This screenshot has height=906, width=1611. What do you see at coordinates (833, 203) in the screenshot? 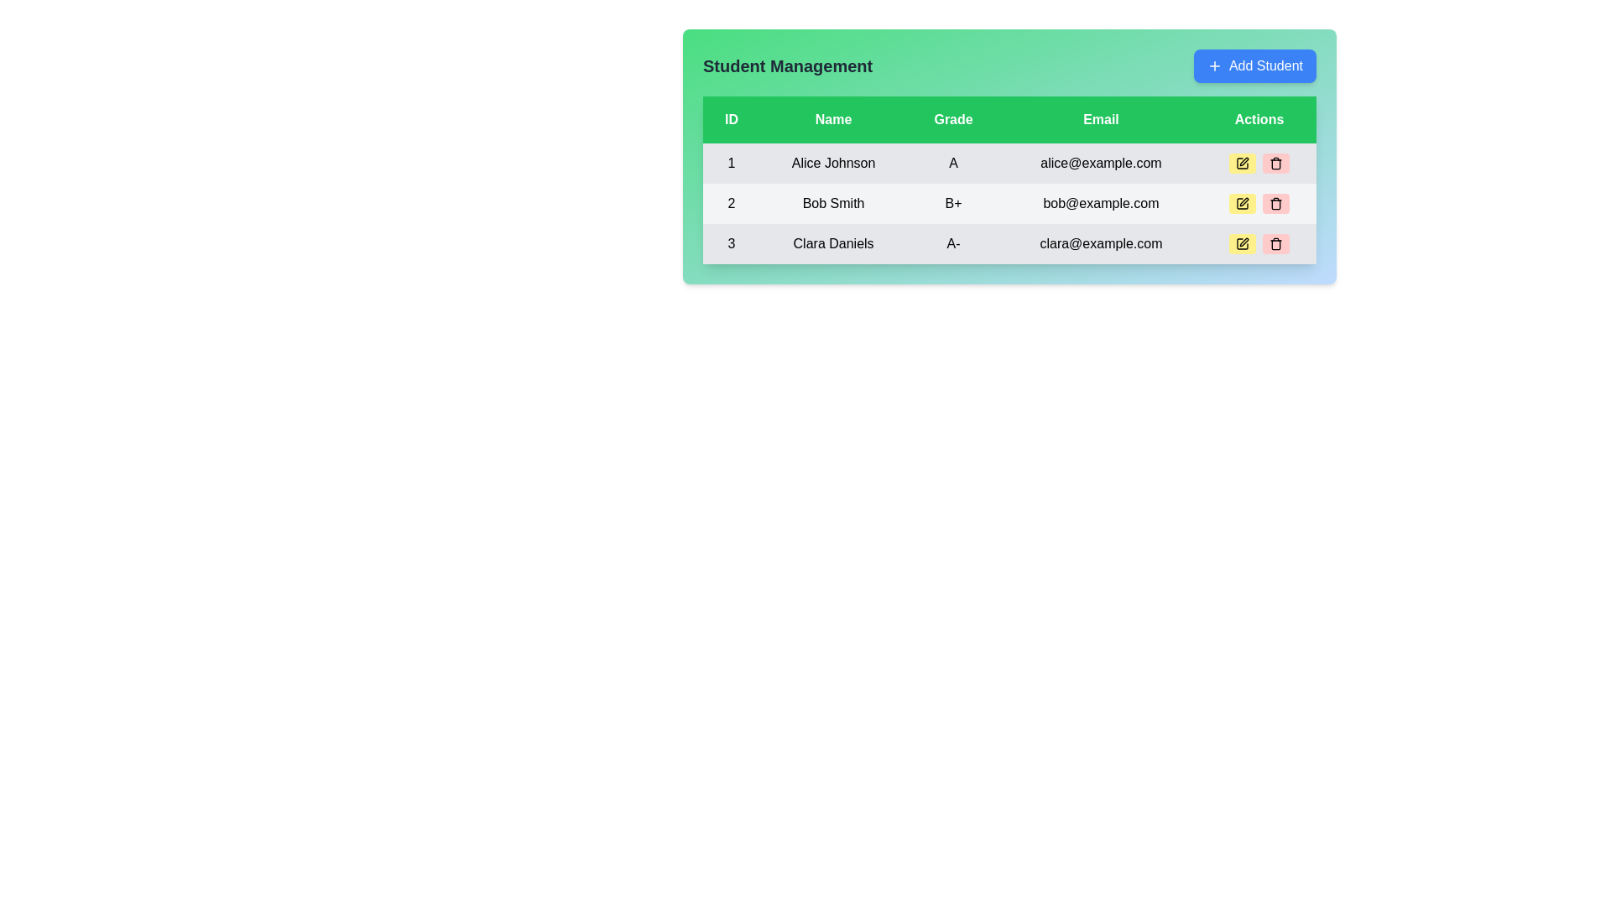
I see `the text label displaying the name 'Bob Smith' located in the 'Student Management' table, which is the second item in the 'Name' column of the second row` at bounding box center [833, 203].